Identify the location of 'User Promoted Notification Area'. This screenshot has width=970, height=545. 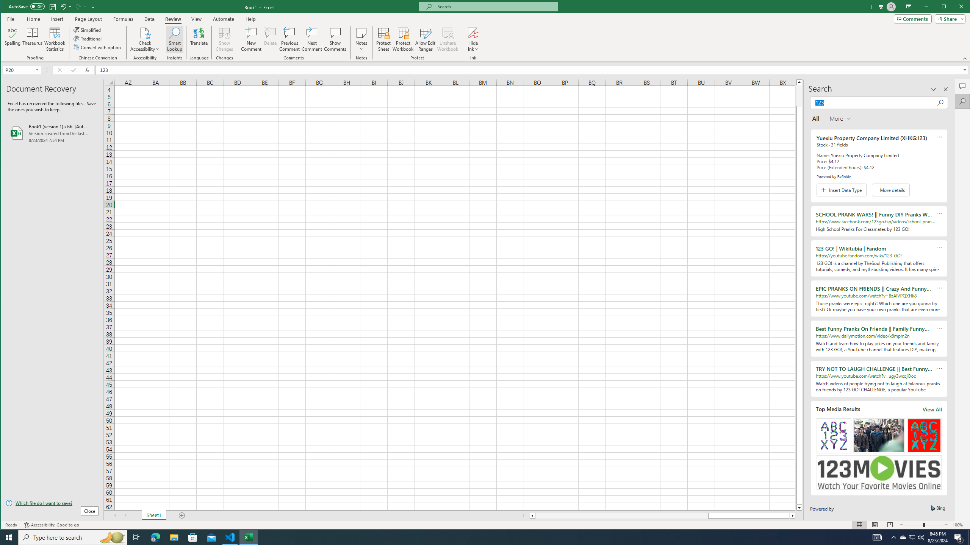
(911, 537).